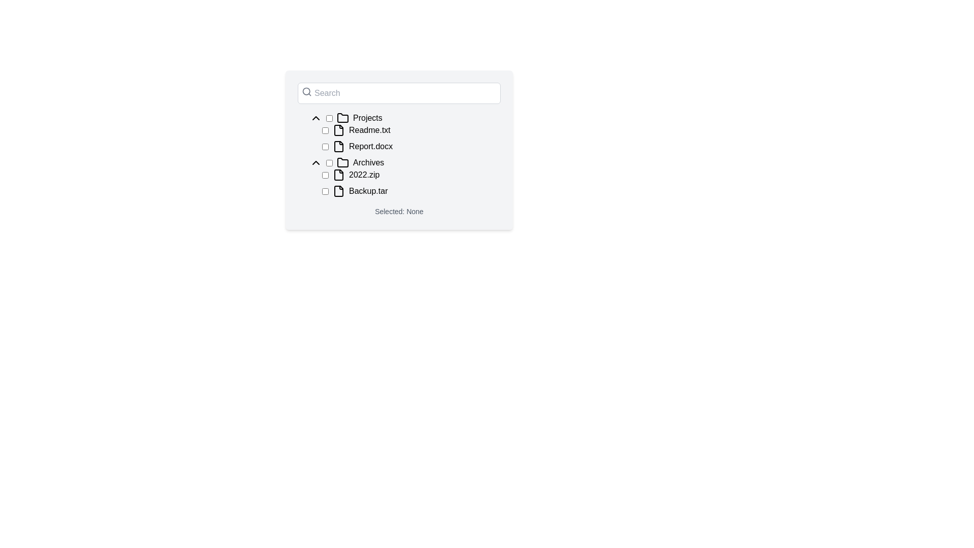  I want to click on the unmarked checkbox located to the left of the 'Readme.txt' file to trigger its hover state, so click(325, 130).